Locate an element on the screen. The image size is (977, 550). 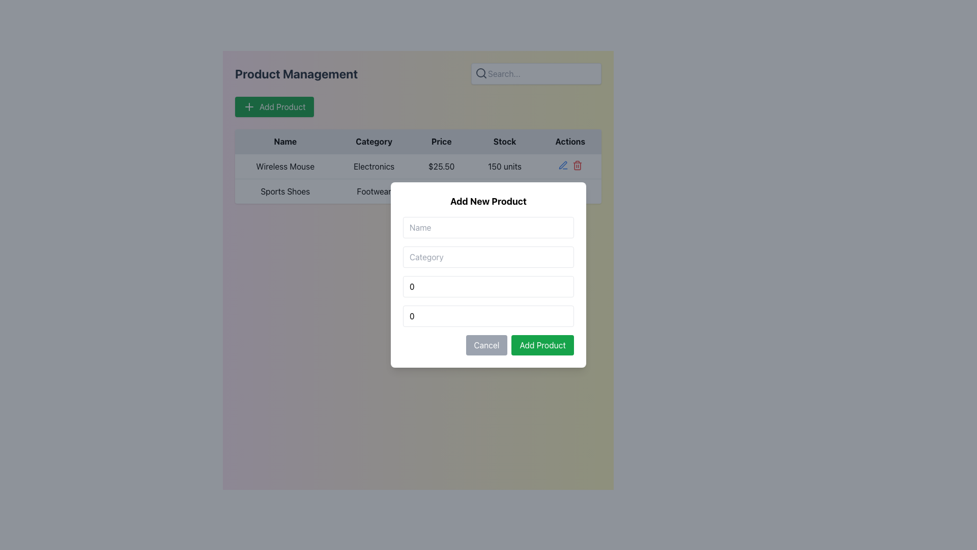
the first row in the 'Product Management' table is located at coordinates (418, 166).